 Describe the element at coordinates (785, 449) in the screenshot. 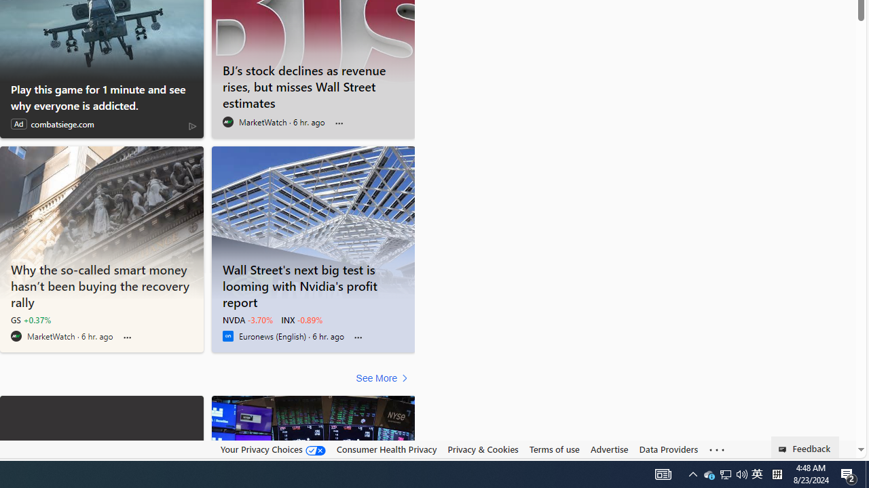

I see `'Class: feedback_link_icon-DS-EntryPoint1-1'` at that location.